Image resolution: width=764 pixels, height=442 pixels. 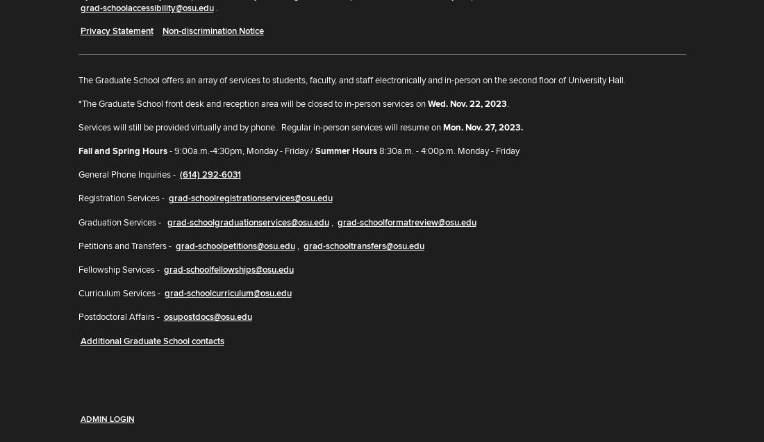 What do you see at coordinates (124, 244) in the screenshot?
I see `'Petitions and Transfers -'` at bounding box center [124, 244].